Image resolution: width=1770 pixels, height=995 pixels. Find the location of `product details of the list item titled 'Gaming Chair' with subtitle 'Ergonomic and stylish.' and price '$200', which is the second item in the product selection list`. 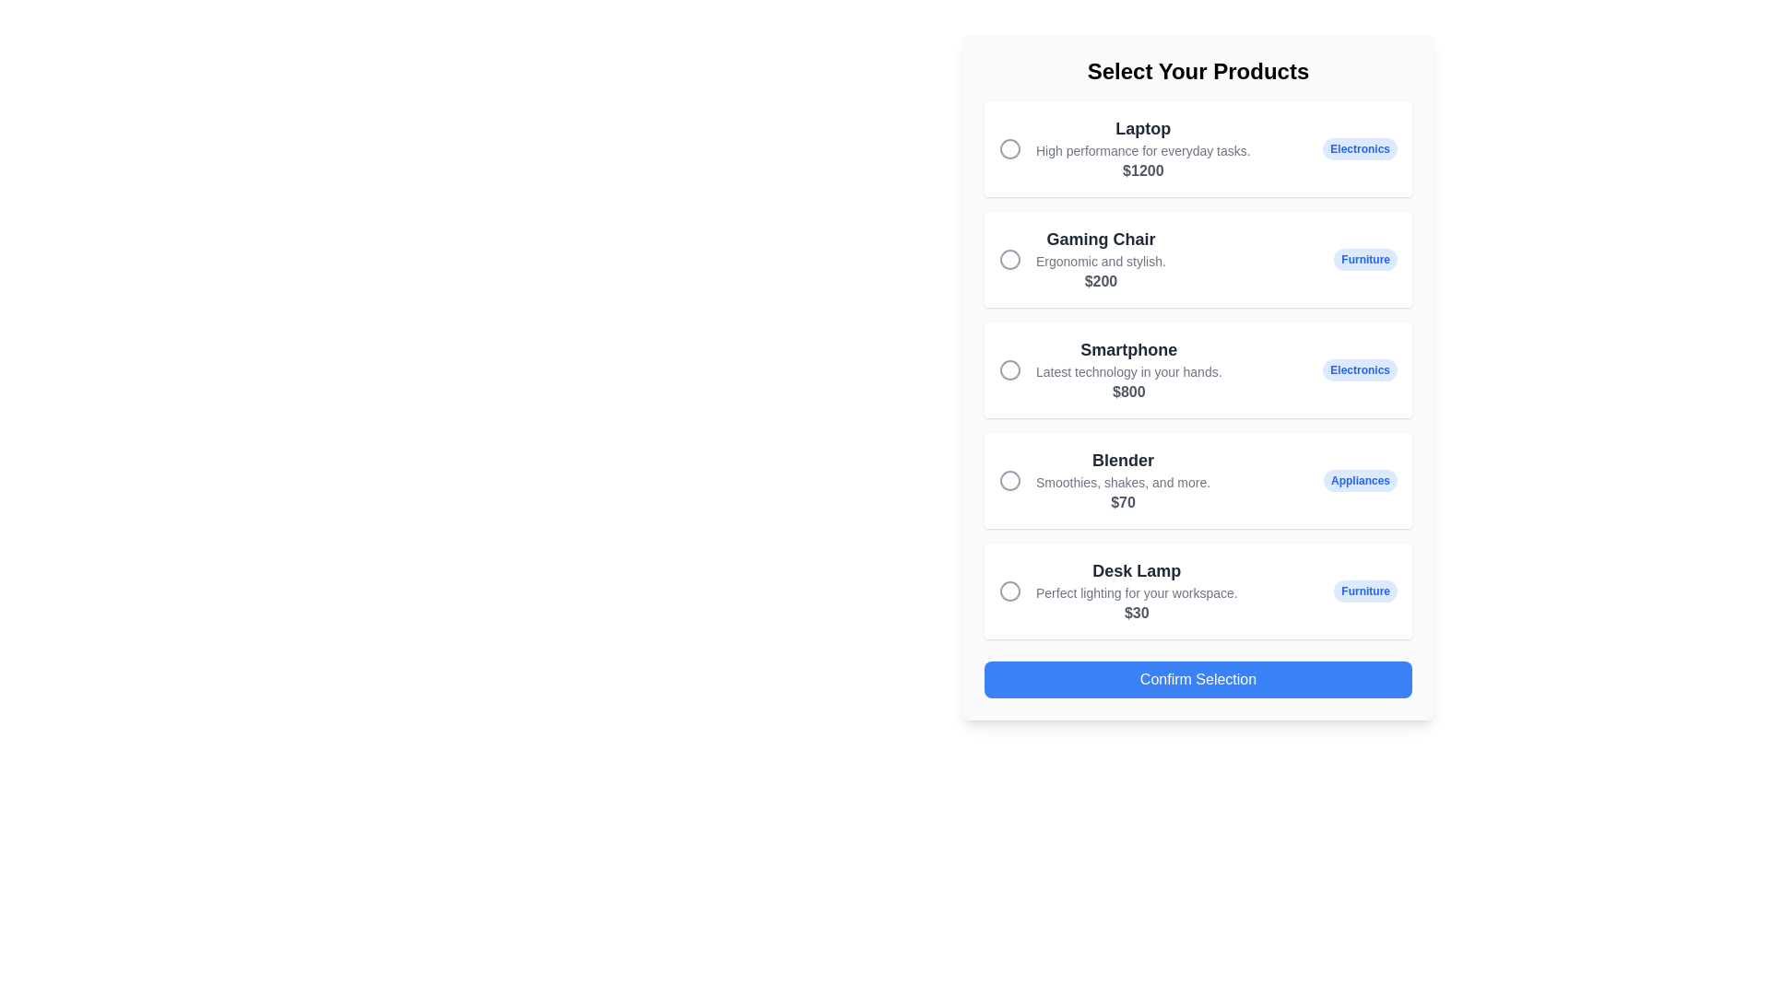

product details of the list item titled 'Gaming Chair' with subtitle 'Ergonomic and stylish.' and price '$200', which is the second item in the product selection list is located at coordinates (1082, 259).